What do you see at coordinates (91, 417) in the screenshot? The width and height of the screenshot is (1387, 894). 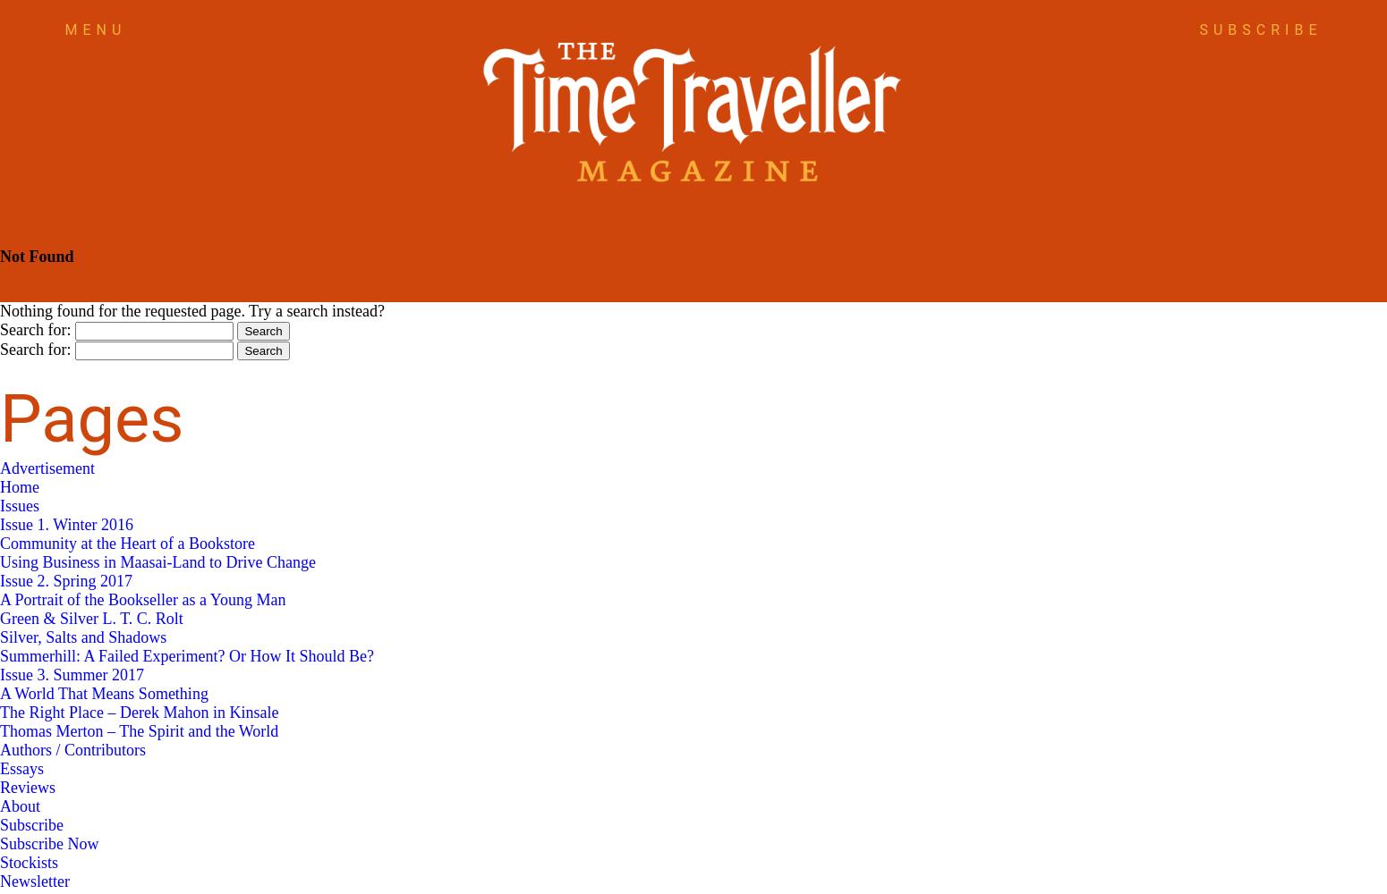 I see `'Pages'` at bounding box center [91, 417].